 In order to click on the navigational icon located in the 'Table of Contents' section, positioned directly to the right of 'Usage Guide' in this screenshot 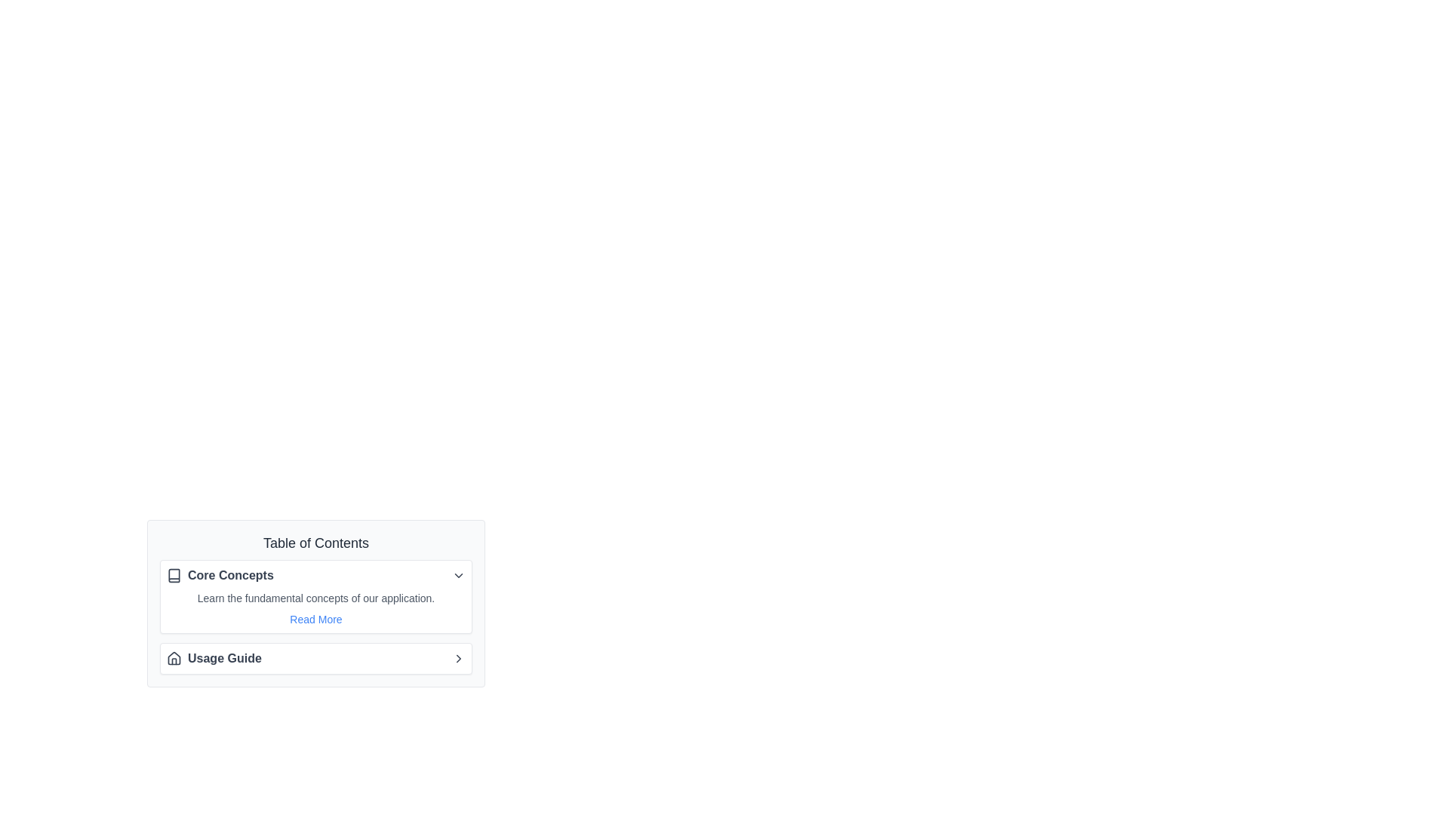, I will do `click(458, 657)`.